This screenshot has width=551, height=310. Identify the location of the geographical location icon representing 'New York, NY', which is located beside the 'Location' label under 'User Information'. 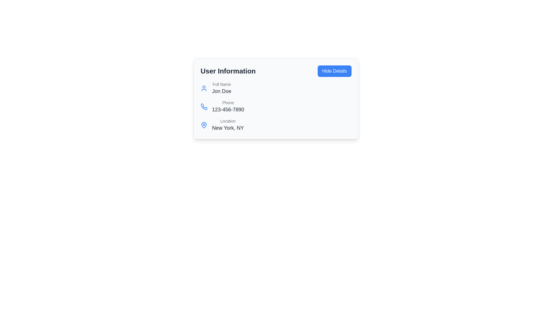
(204, 125).